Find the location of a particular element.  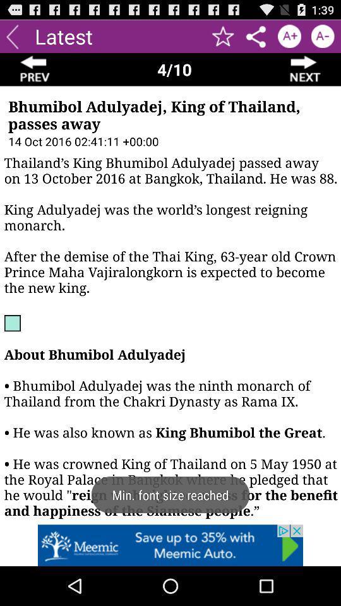

share the article is located at coordinates (256, 35).